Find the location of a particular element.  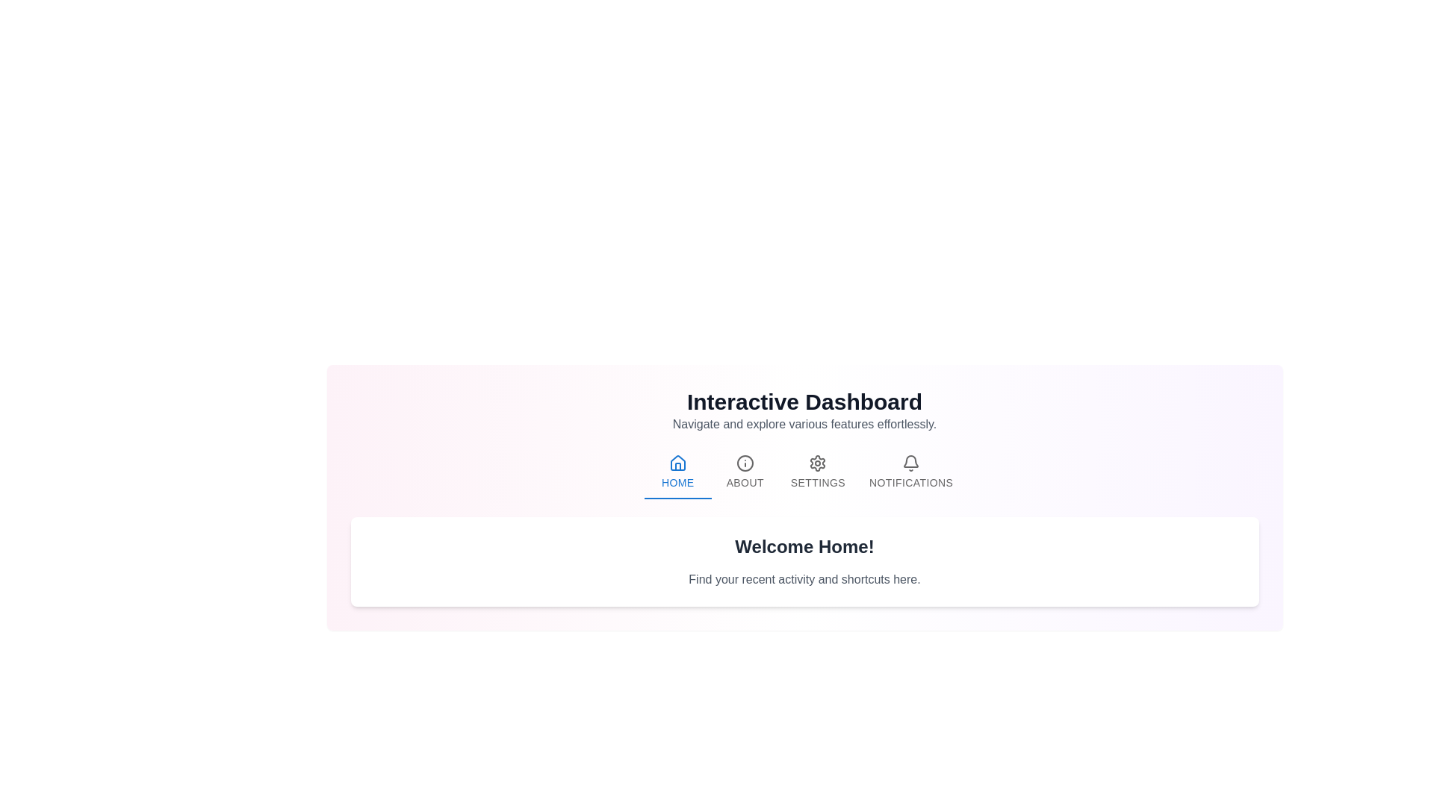

the settings tab in the navigation bar is located at coordinates (817, 472).